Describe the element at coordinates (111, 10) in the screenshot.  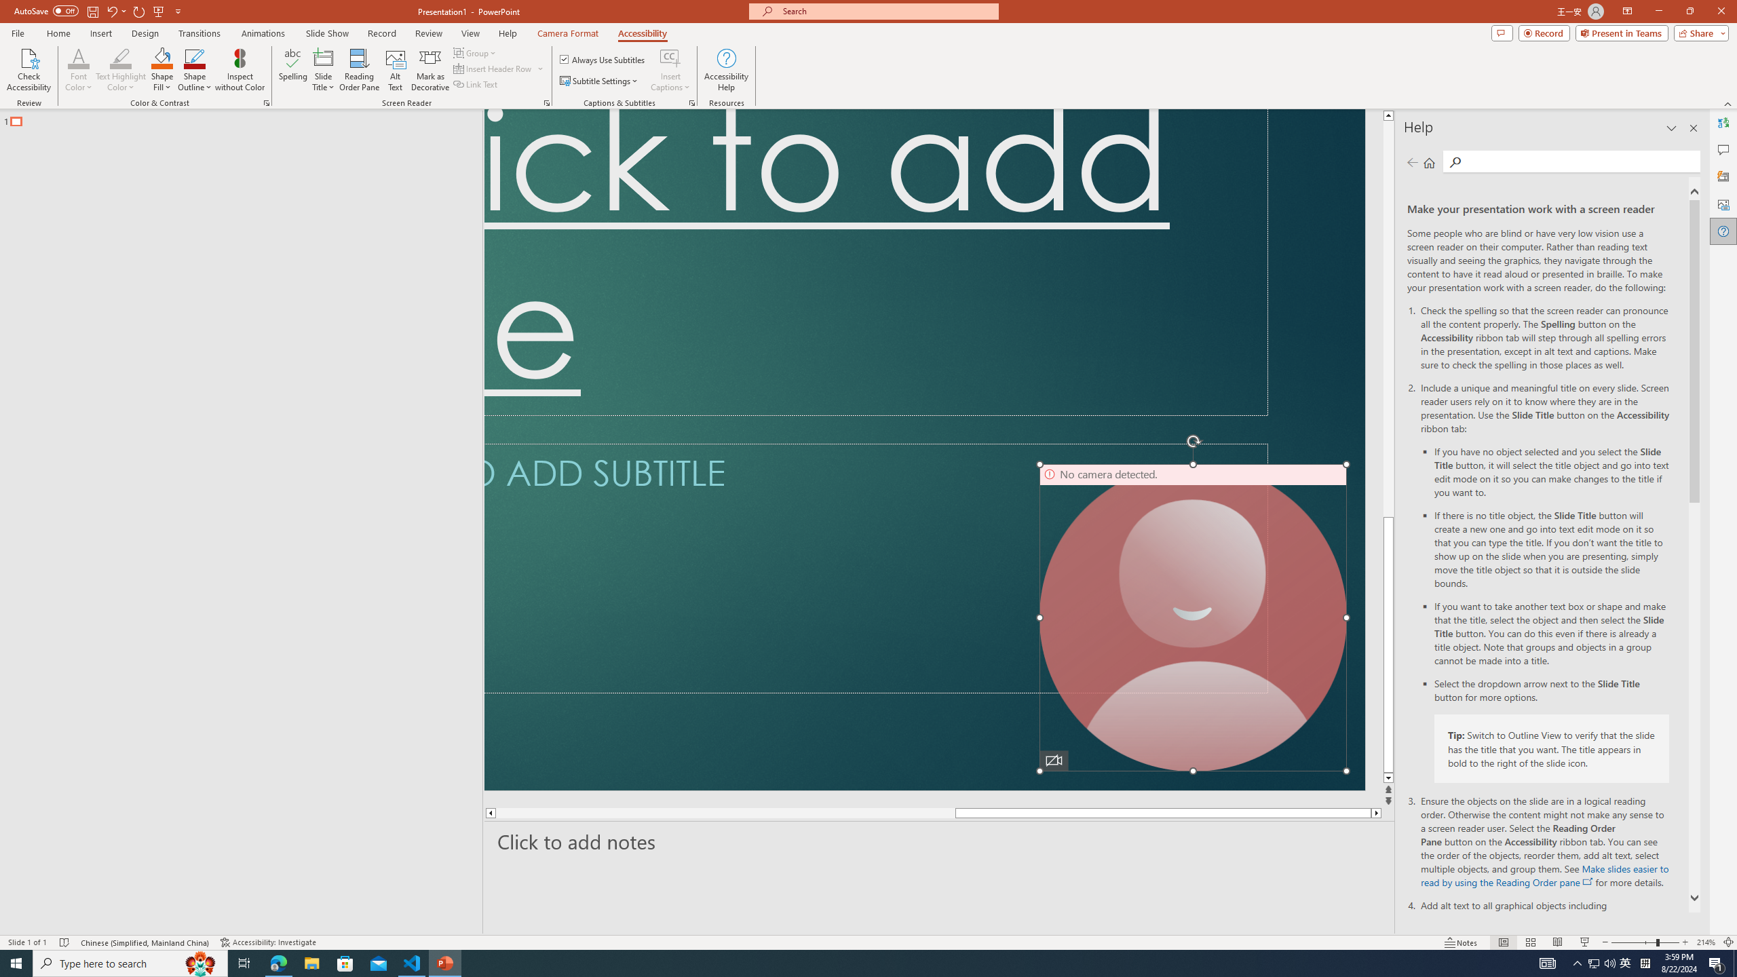
I see `'Undo'` at that location.